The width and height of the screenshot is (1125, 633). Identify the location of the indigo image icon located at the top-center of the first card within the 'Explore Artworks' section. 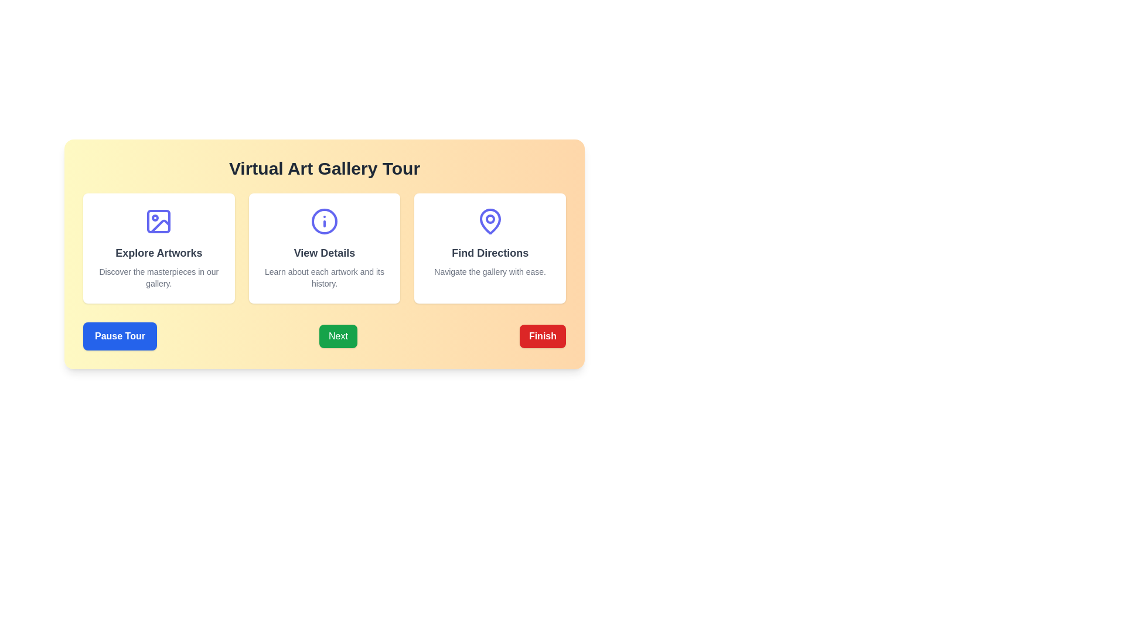
(158, 222).